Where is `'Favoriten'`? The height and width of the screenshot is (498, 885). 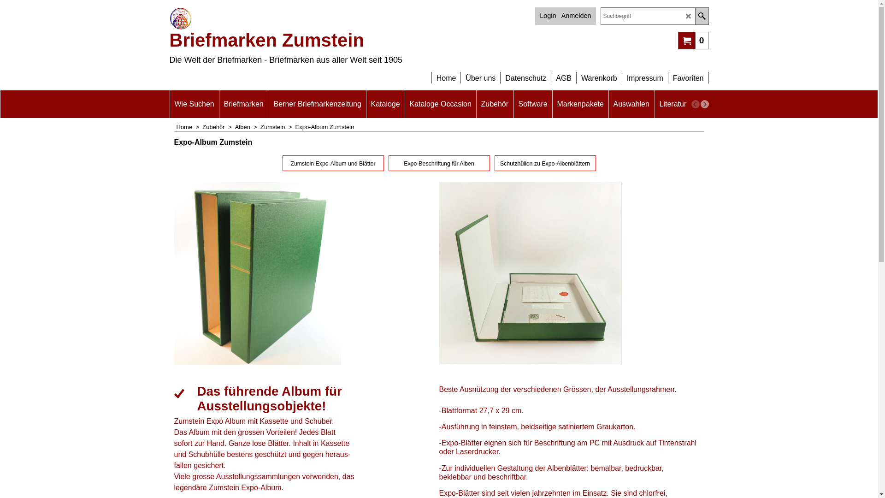
'Favoriten' is located at coordinates (688, 73).